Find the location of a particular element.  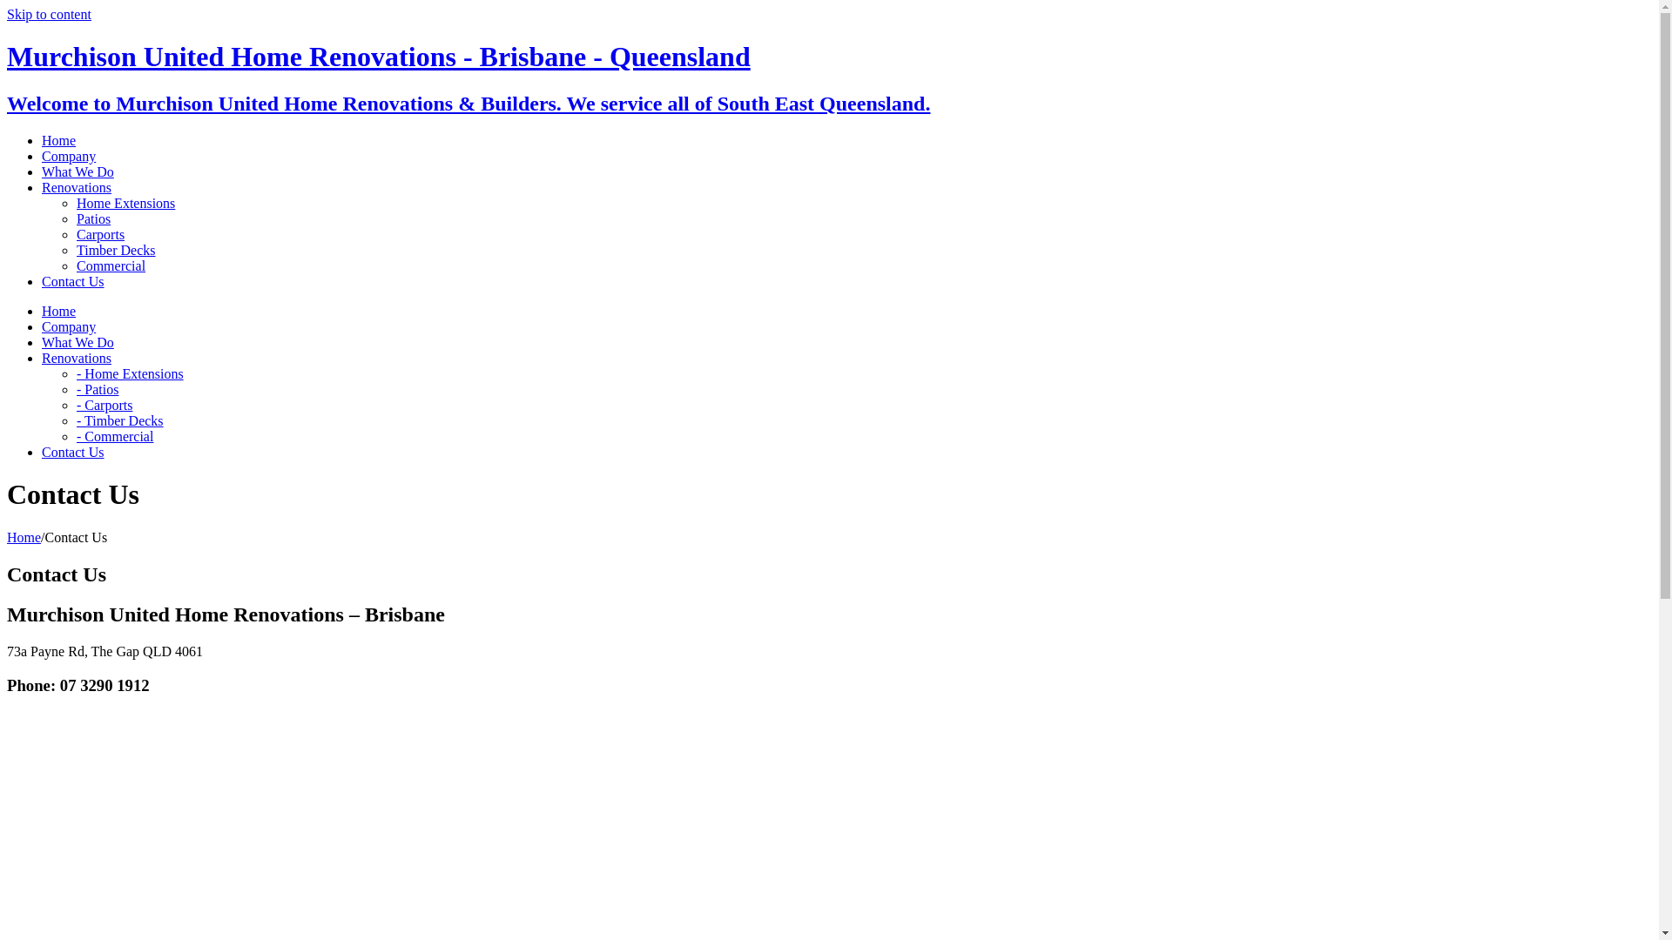

'Home Extensions' is located at coordinates (75, 202).